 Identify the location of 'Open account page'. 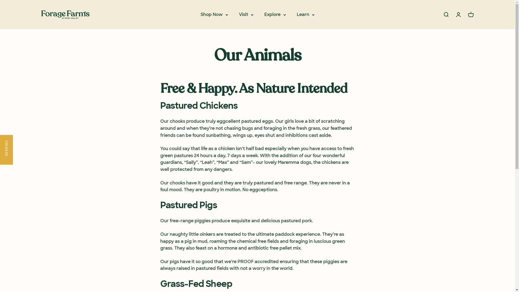
(458, 14).